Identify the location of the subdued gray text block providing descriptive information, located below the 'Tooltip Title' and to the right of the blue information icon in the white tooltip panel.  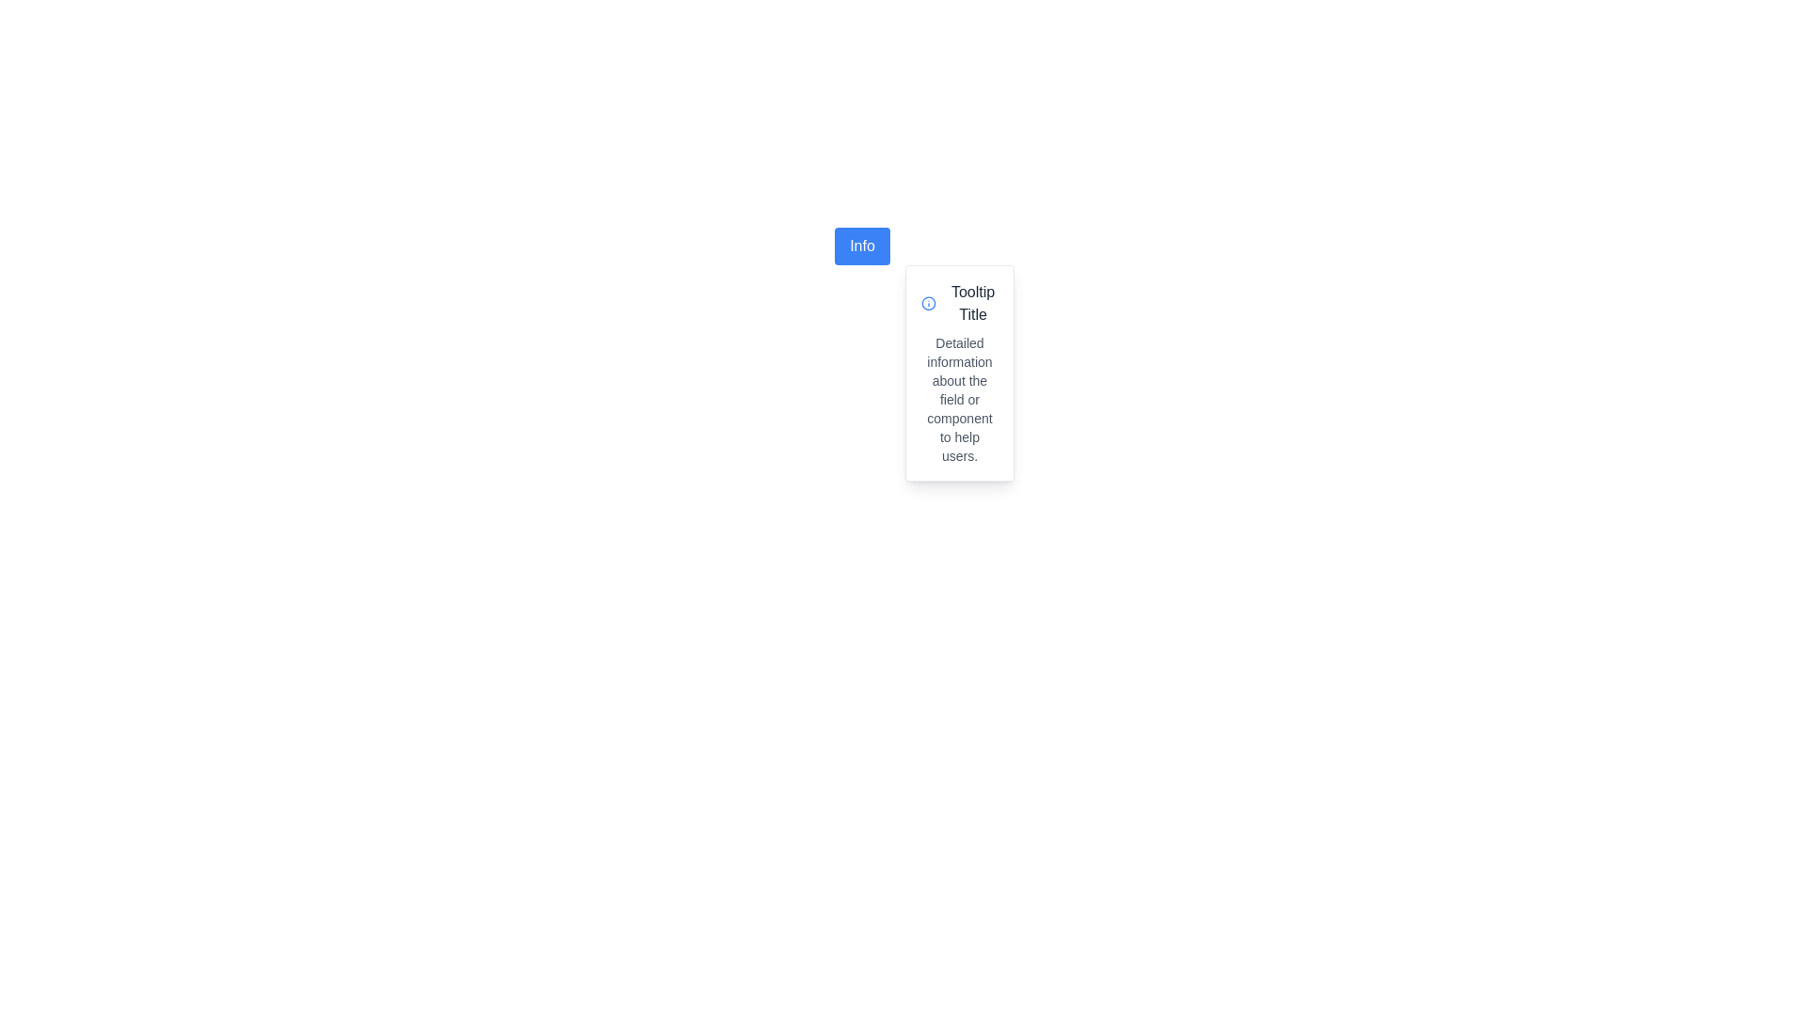
(959, 398).